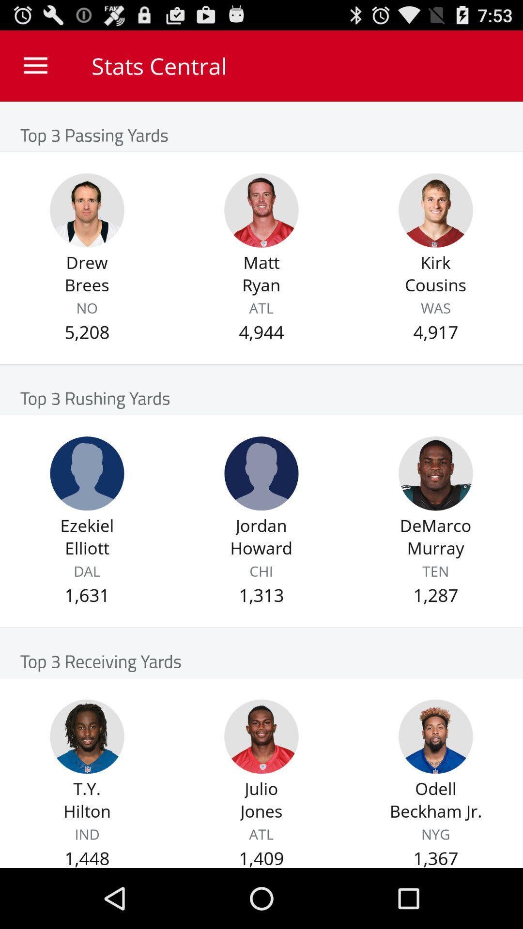  I want to click on the person, so click(261, 210).